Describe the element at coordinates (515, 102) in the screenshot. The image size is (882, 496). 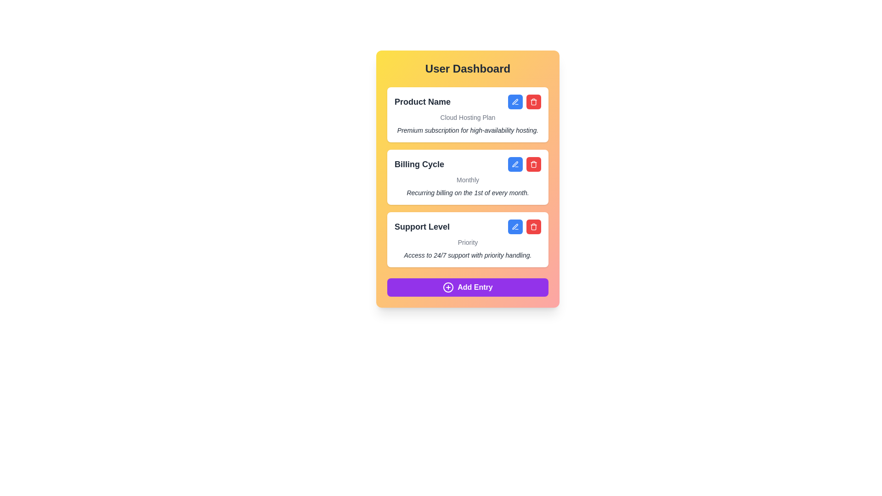
I see `the pen icon button located in the 'Product Name' section of the dashboard` at that location.